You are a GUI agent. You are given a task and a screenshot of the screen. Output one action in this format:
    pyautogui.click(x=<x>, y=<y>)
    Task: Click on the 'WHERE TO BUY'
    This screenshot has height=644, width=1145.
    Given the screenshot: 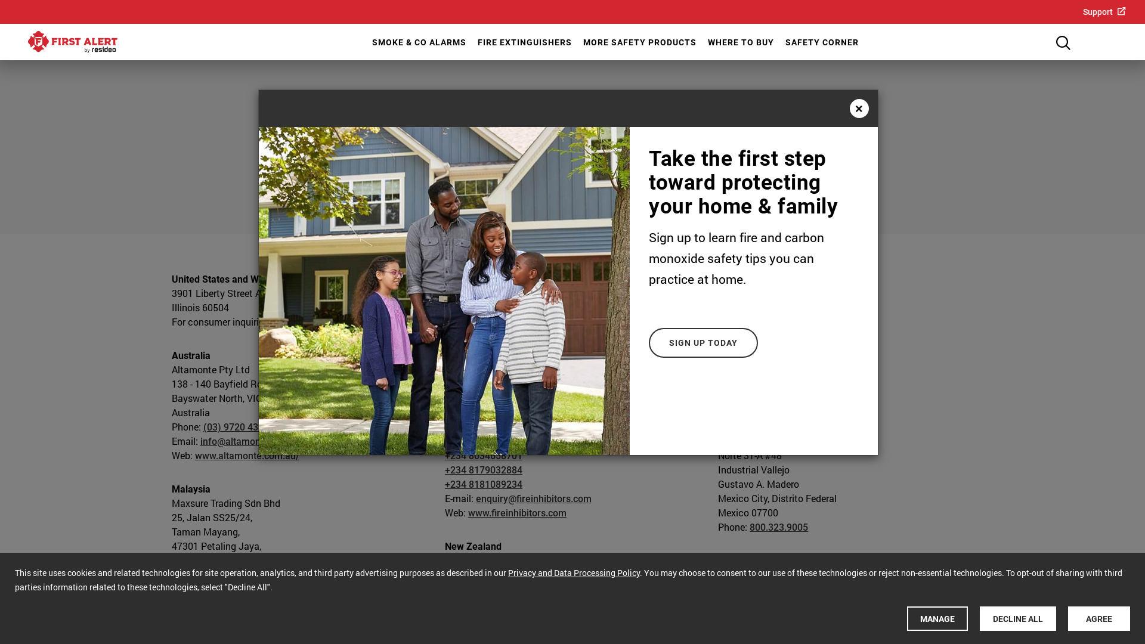 What is the action you would take?
    pyautogui.click(x=739, y=41)
    